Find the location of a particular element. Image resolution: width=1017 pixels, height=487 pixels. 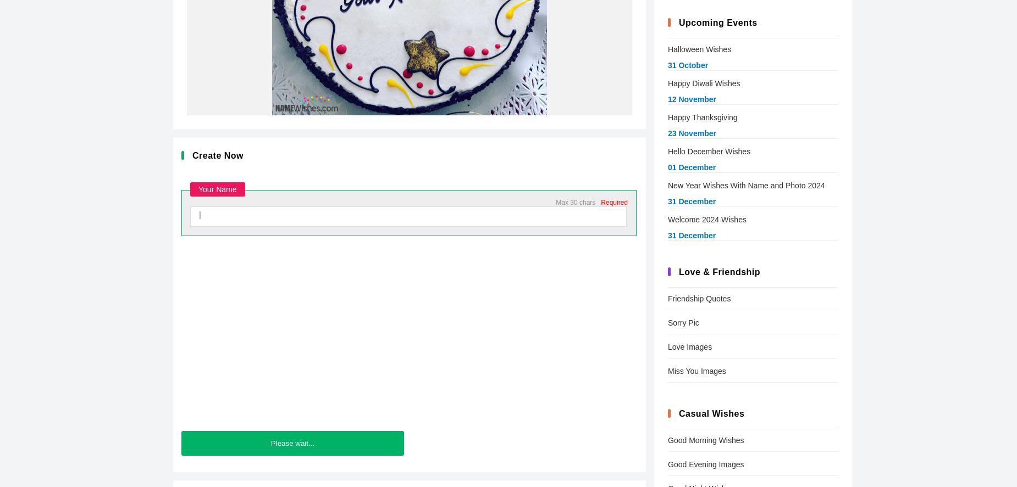

'Friendship Quotes' is located at coordinates (699, 298).